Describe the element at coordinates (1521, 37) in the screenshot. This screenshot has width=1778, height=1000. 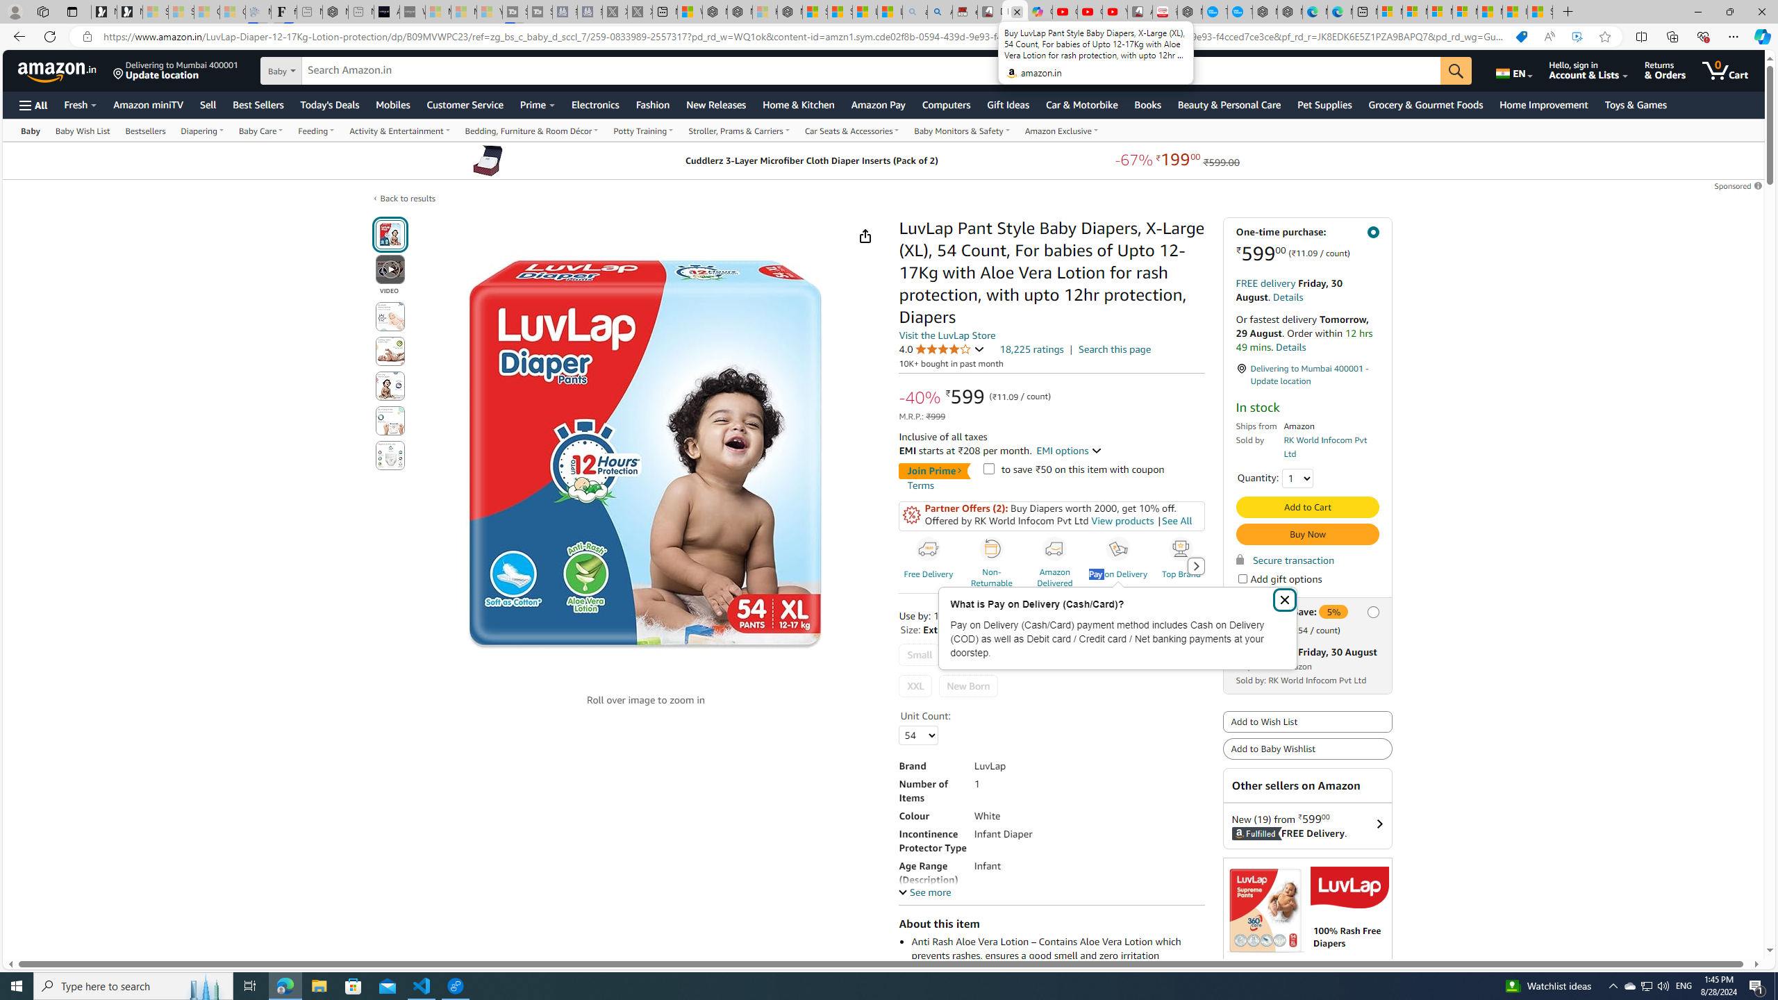
I see `'This site has coupons! Shopping in Microsoft Edge'` at that location.